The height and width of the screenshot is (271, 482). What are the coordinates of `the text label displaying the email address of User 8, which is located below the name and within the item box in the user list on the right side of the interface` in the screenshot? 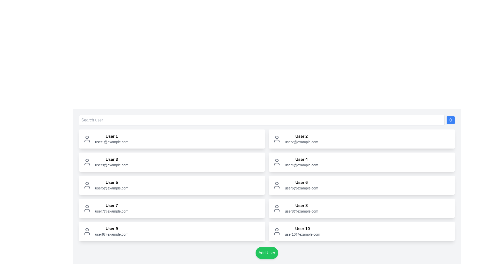 It's located at (301, 211).